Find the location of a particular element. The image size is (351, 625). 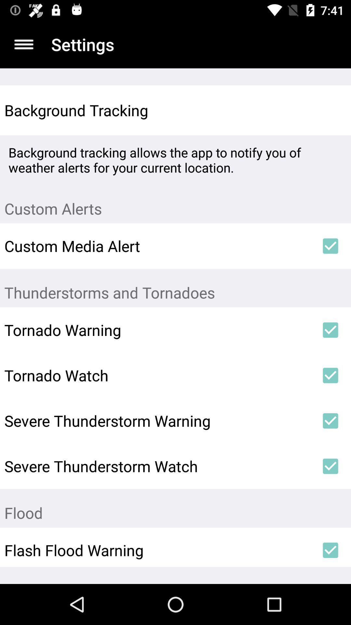

icon next to background tracking item is located at coordinates (331, 110).